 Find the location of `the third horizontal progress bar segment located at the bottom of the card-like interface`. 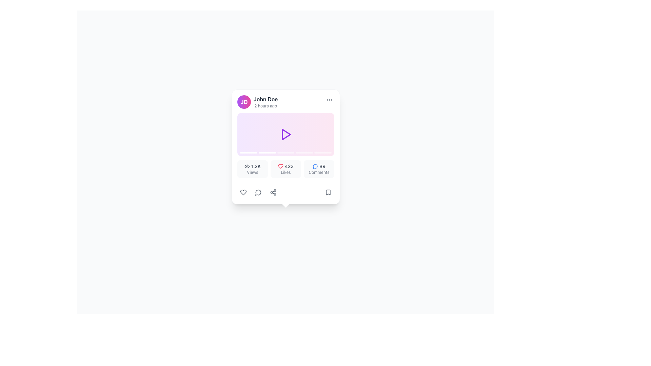

the third horizontal progress bar segment located at the bottom of the card-like interface is located at coordinates (286, 153).